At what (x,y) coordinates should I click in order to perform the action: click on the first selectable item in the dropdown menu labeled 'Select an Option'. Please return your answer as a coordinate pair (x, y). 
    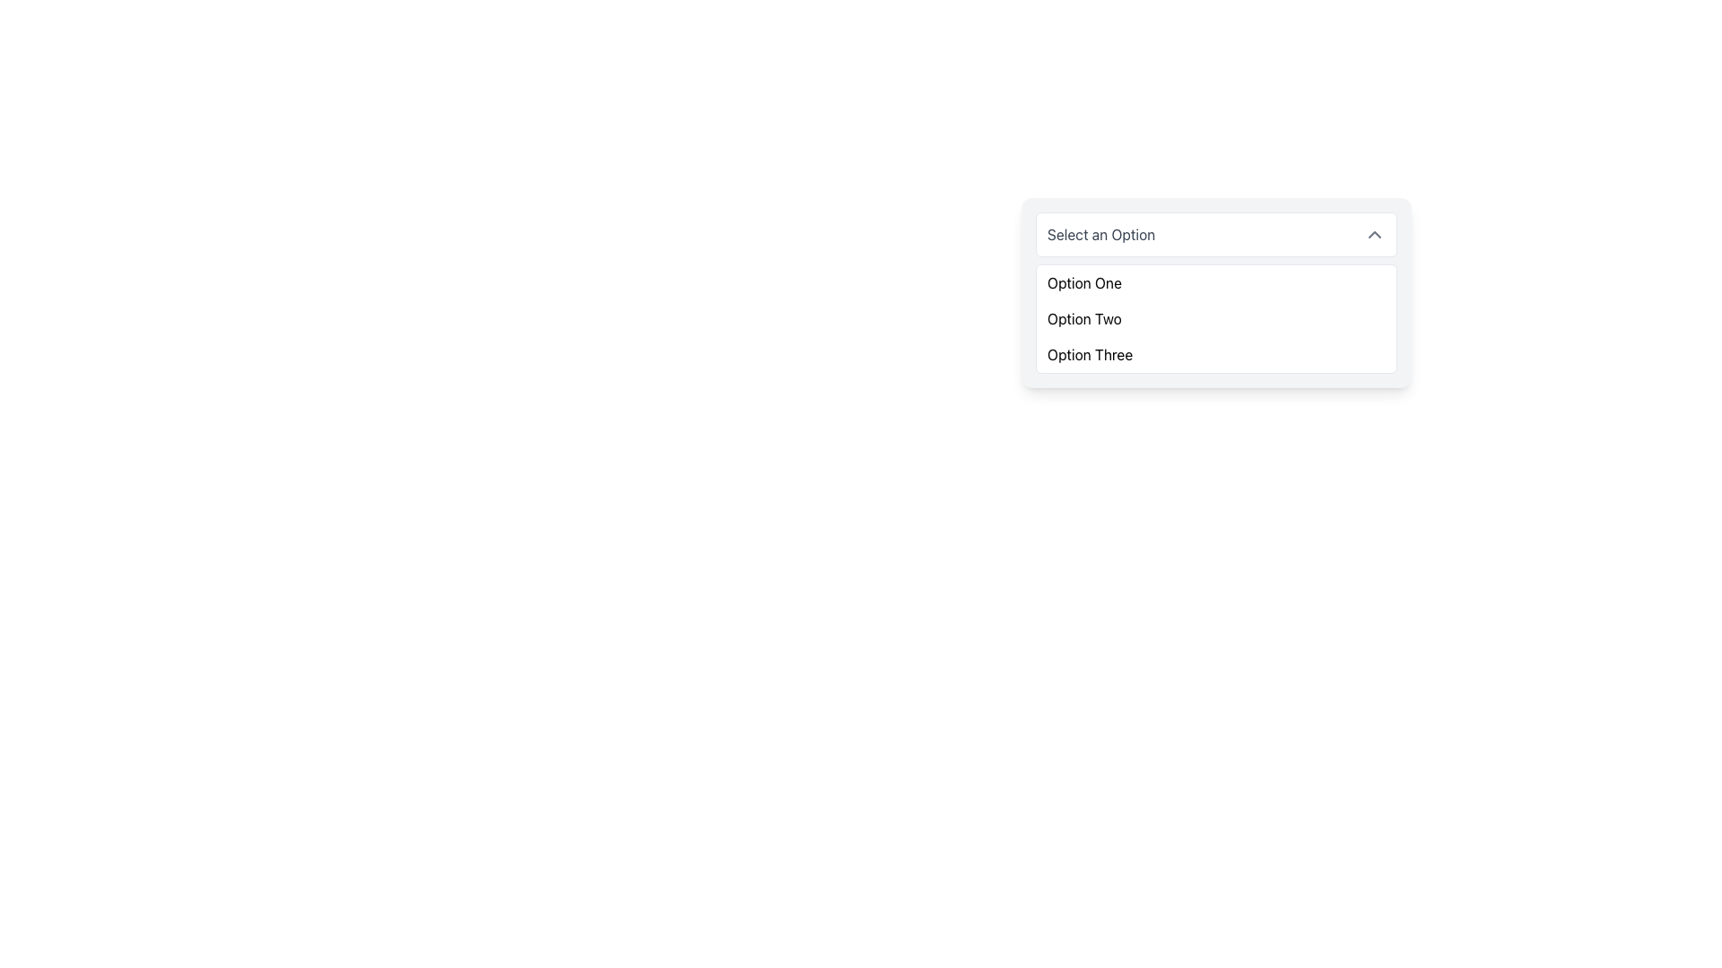
    Looking at the image, I should click on (1083, 282).